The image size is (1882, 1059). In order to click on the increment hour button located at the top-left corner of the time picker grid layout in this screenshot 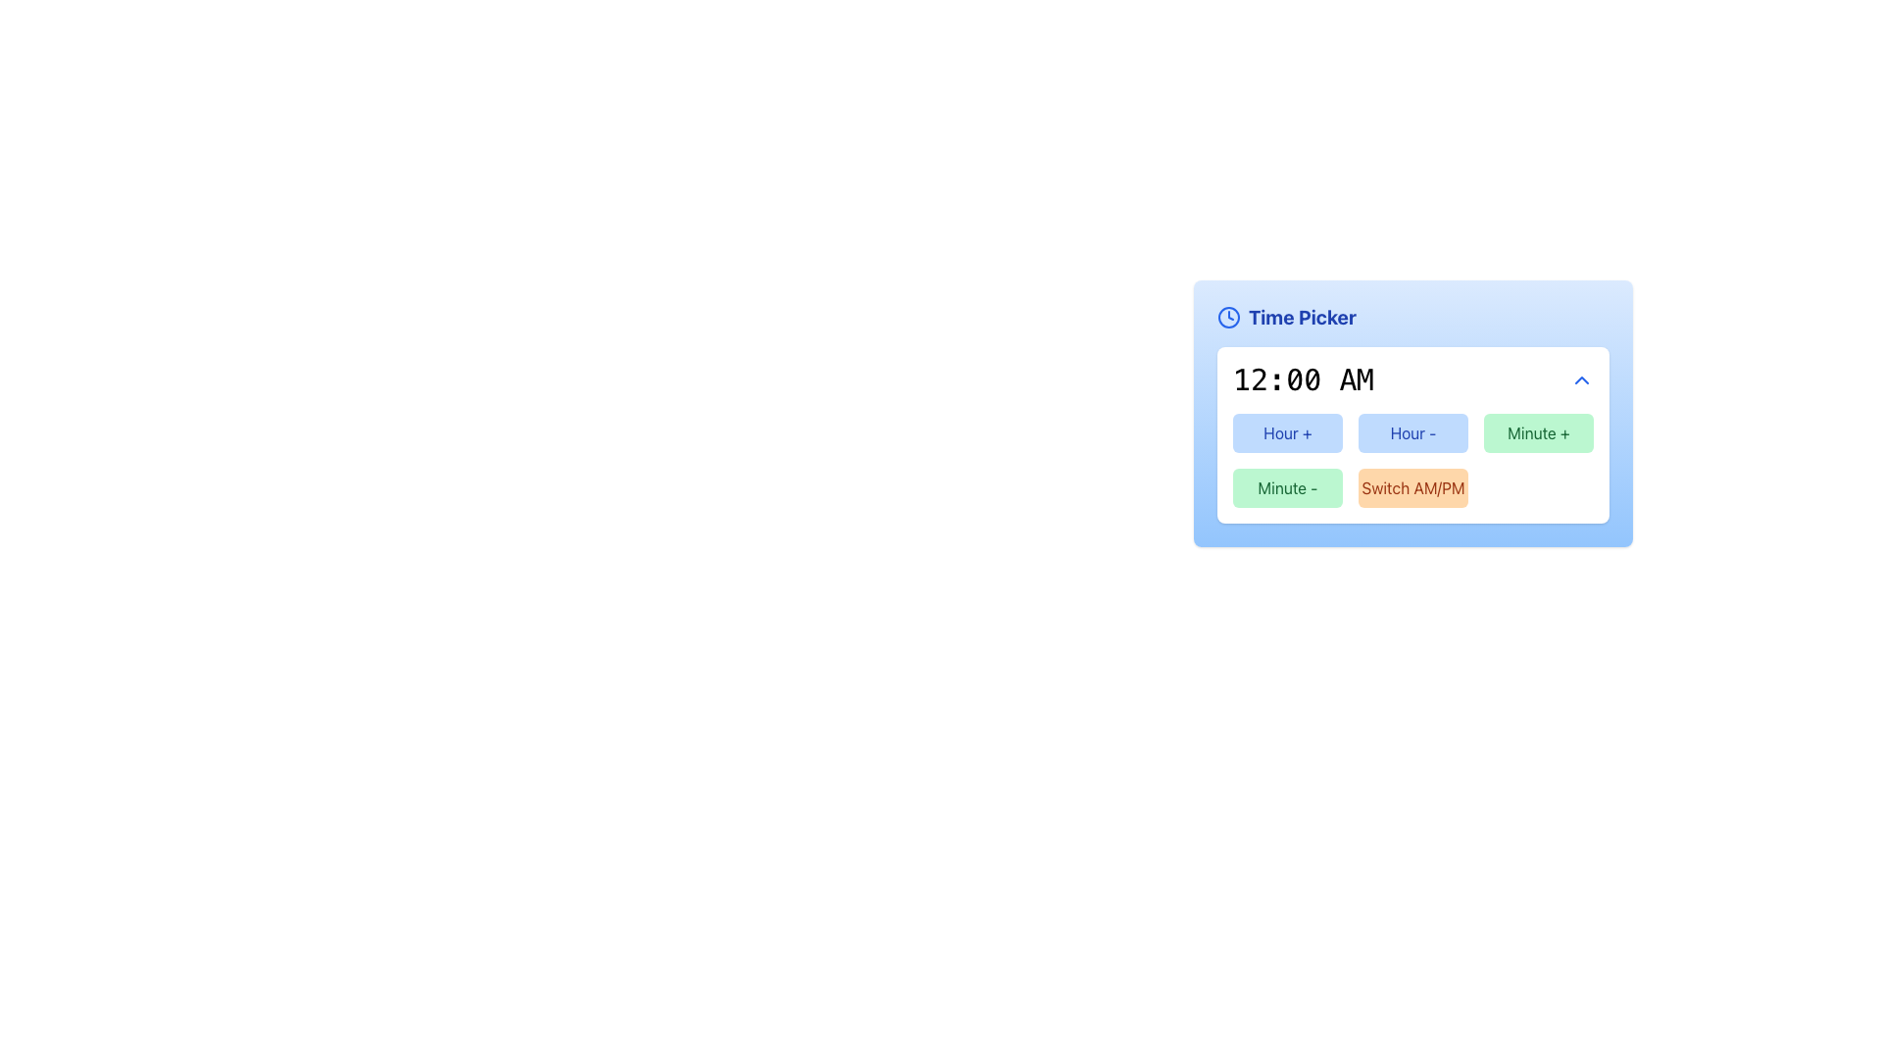, I will do `click(1288, 432)`.